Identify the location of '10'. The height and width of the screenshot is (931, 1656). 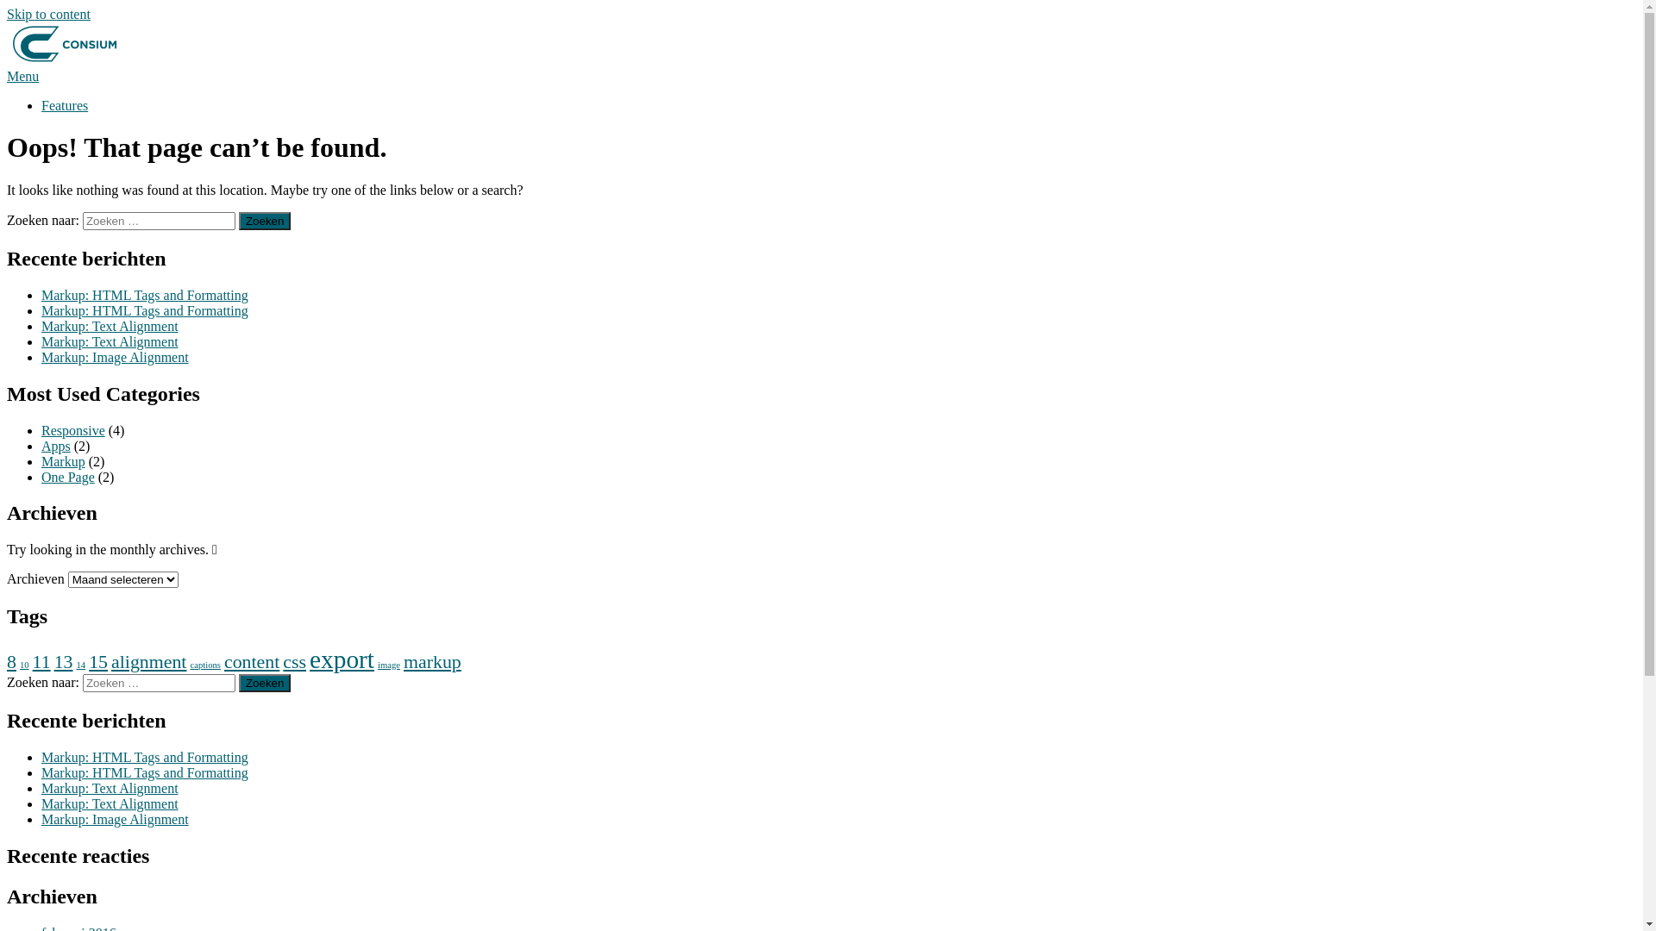
(20, 664).